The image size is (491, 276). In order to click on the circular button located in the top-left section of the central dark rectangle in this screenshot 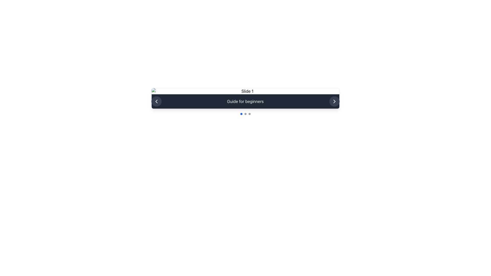, I will do `click(156, 101)`.